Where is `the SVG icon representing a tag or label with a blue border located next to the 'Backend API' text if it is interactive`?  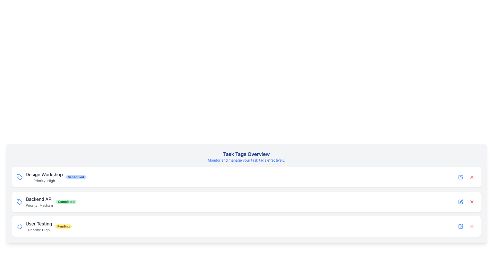 the SVG icon representing a tag or label with a blue border located next to the 'Backend API' text if it is interactive is located at coordinates (20, 201).